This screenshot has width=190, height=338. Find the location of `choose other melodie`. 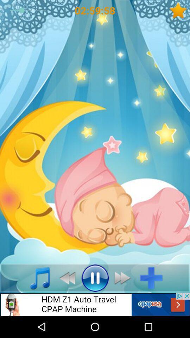

choose other melodie is located at coordinates (36, 278).